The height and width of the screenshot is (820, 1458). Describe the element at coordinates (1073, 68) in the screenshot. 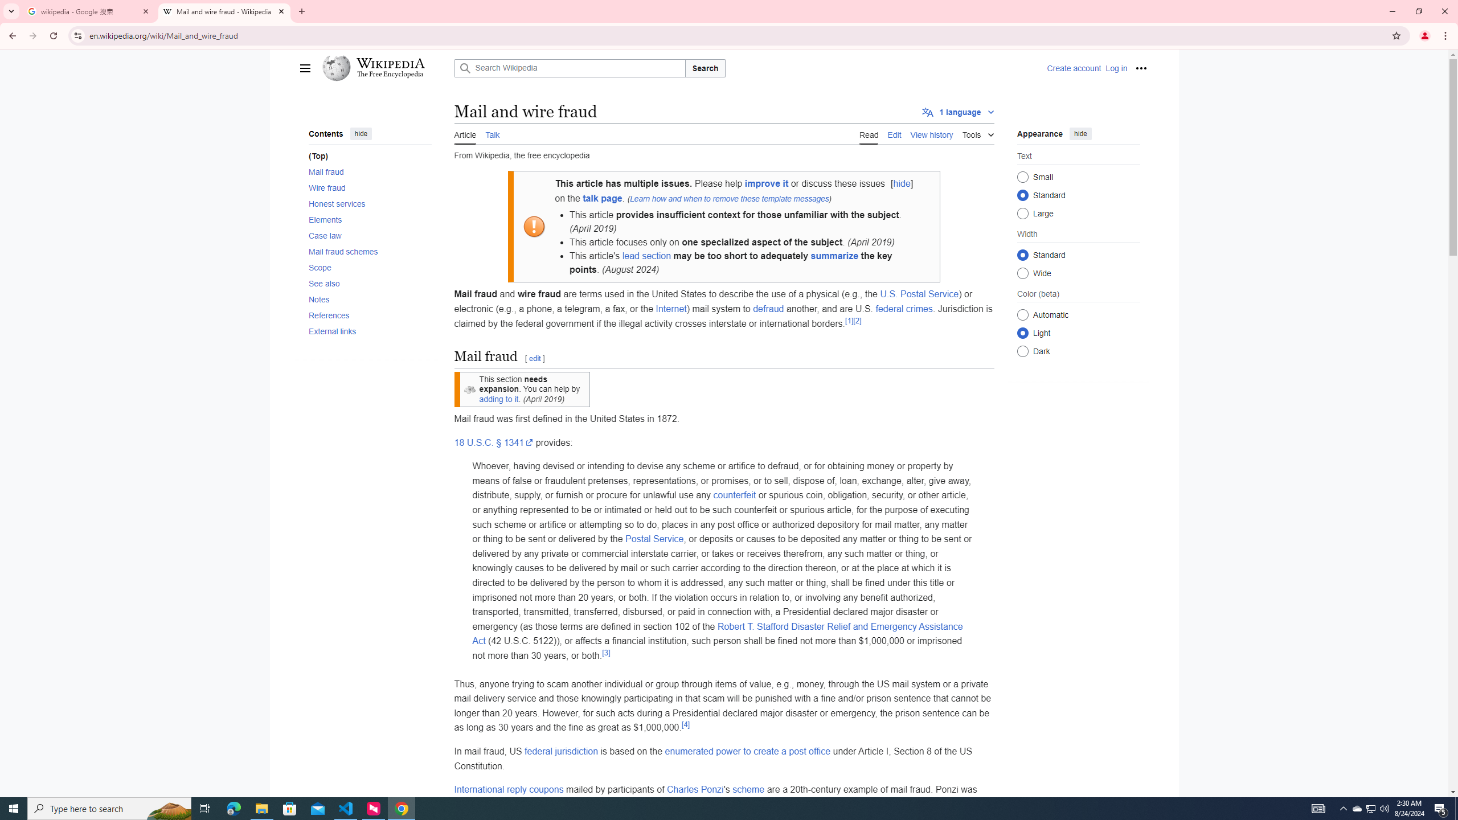

I see `'AutomationID: pt-createaccount-2'` at that location.